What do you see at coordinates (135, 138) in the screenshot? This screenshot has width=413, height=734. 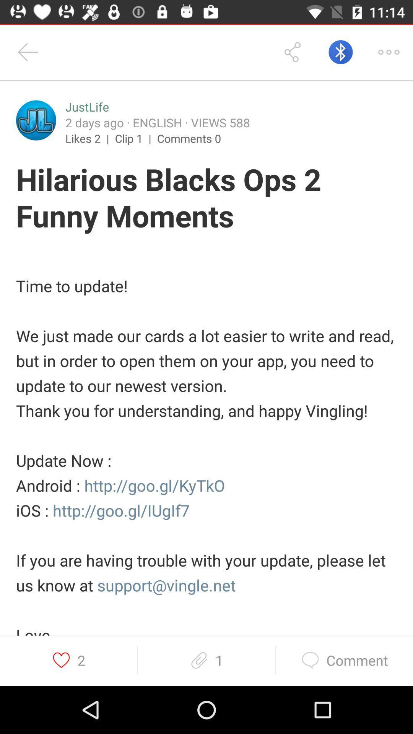 I see `item to the left of comments 0` at bounding box center [135, 138].